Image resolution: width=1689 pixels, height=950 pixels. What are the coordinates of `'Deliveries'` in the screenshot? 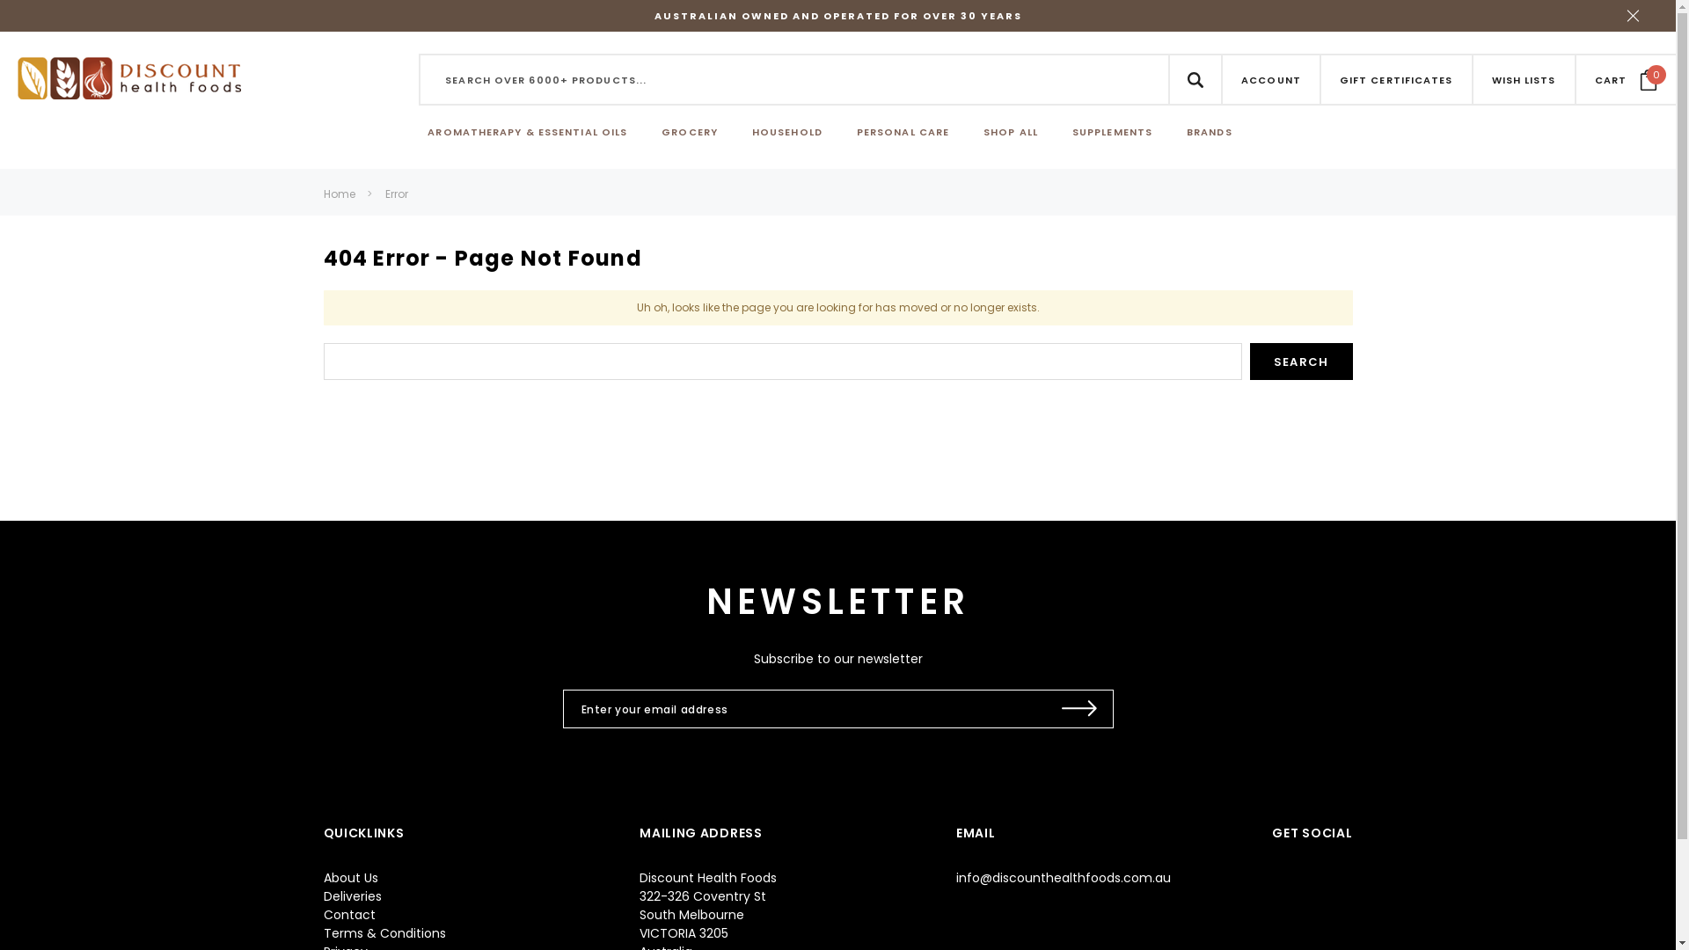 It's located at (352, 895).